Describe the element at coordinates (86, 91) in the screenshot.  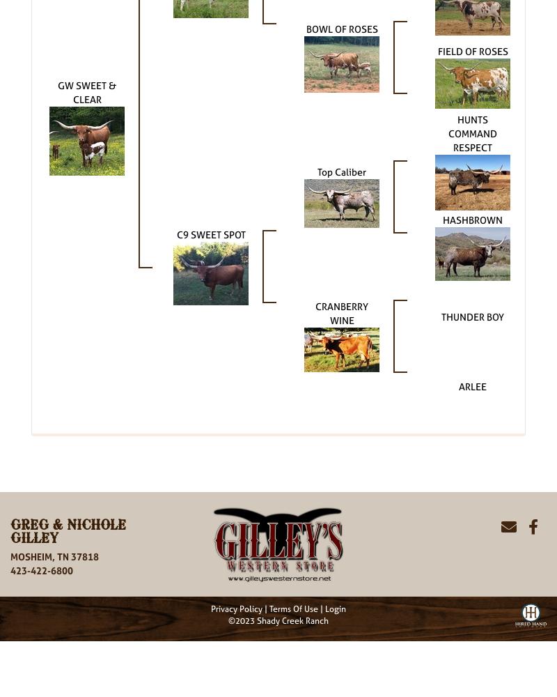
I see `'GW SWEET & CLEAR'` at that location.